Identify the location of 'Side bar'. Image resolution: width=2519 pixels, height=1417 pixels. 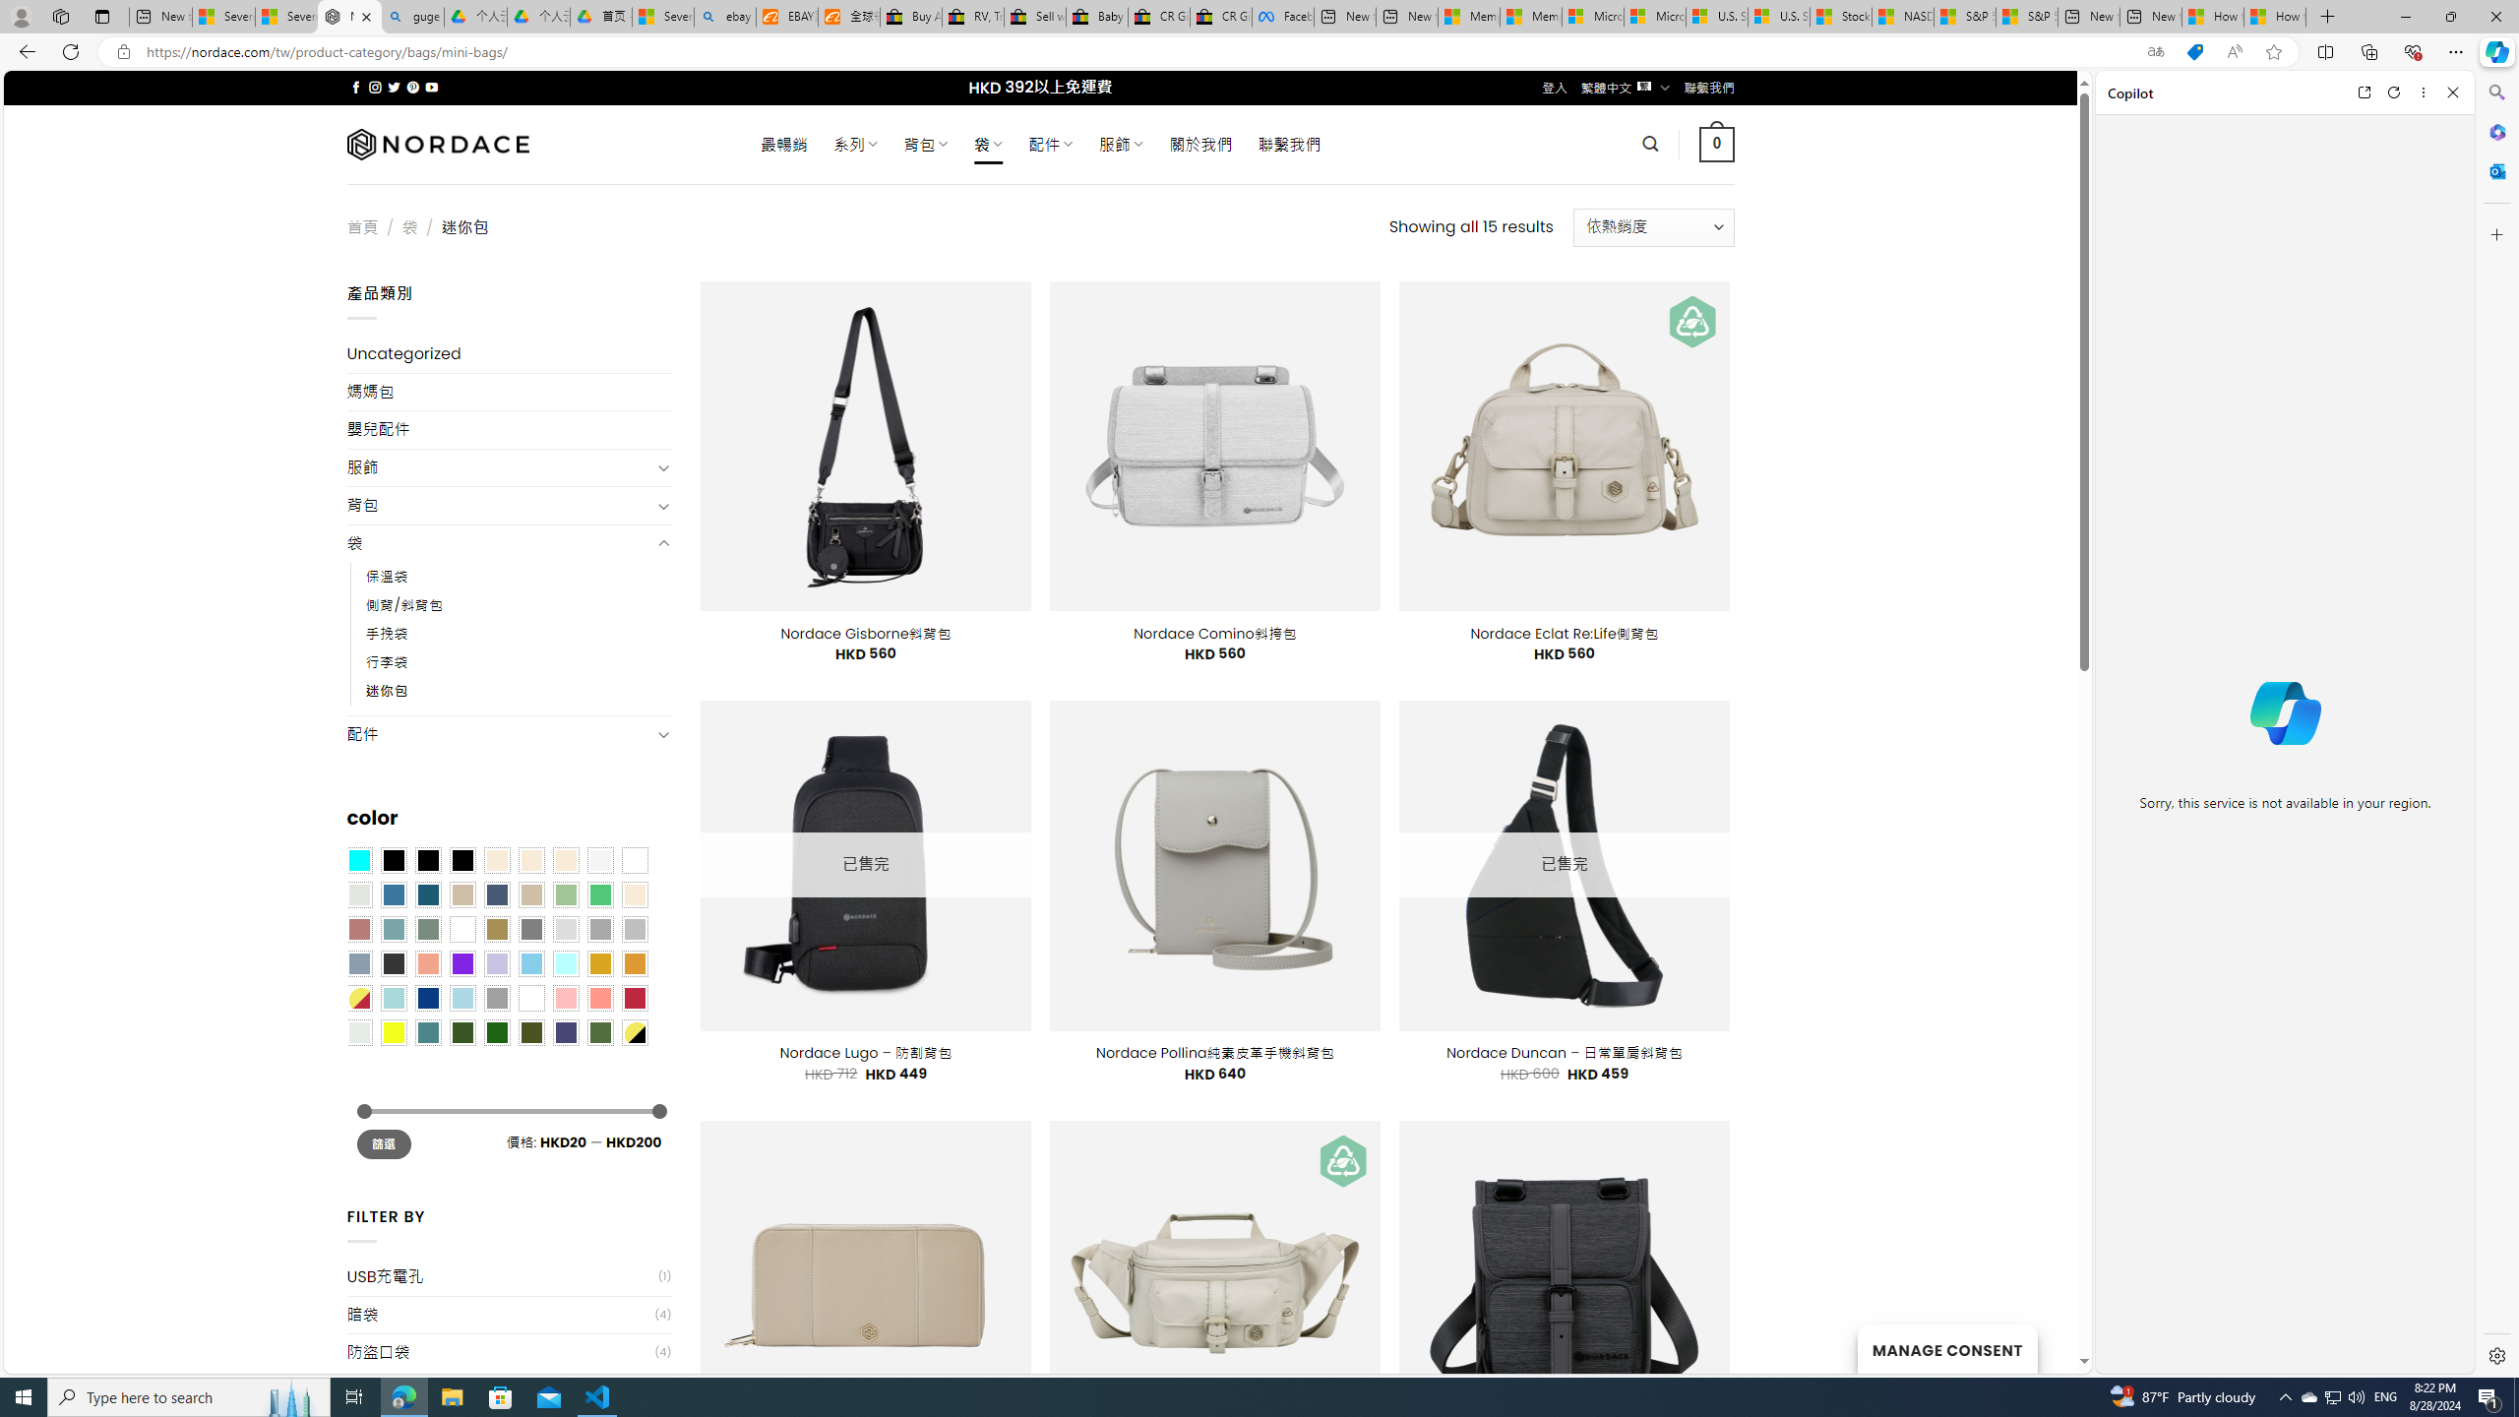
(2496, 723).